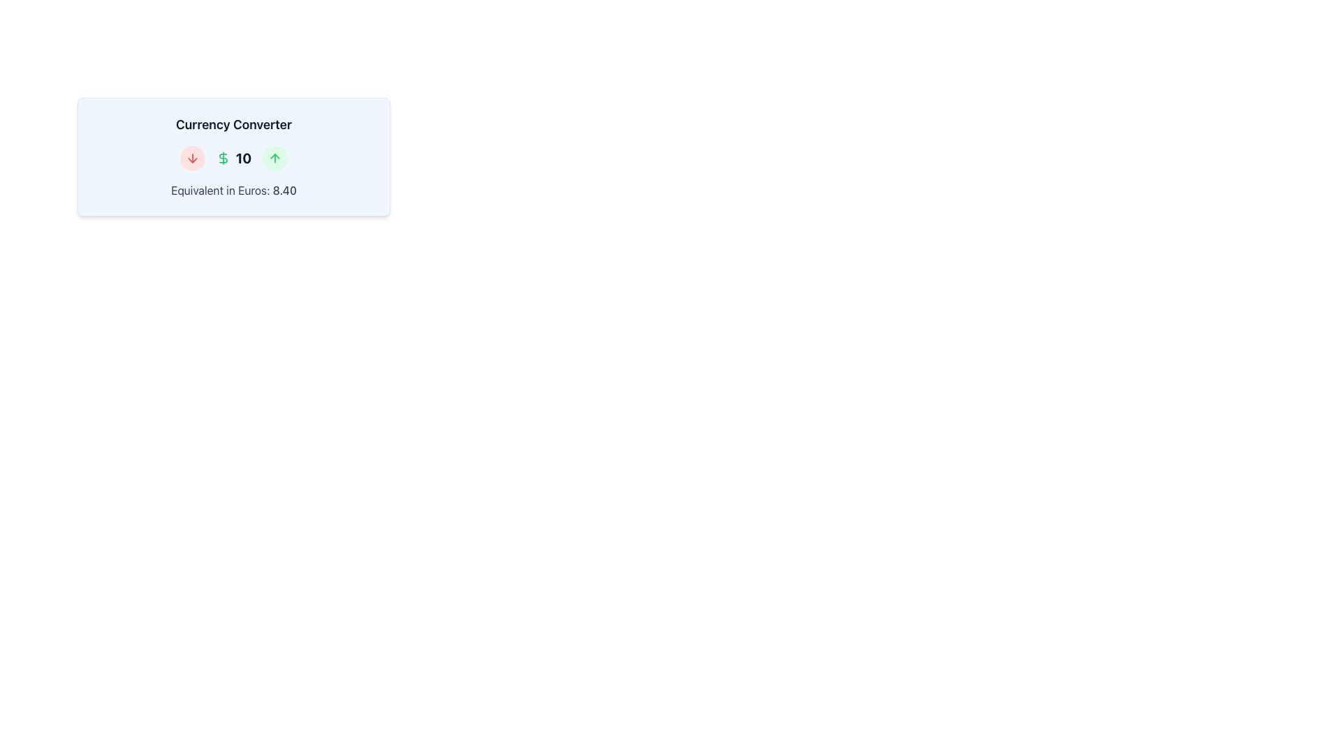 This screenshot has width=1341, height=754. Describe the element at coordinates (275, 158) in the screenshot. I see `the green circular button containing the upward arrow icon, which is the third button in the row of interactive elements` at that location.